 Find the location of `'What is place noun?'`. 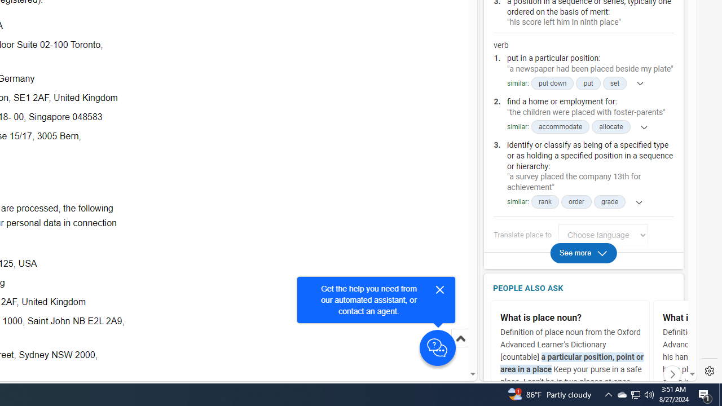

'What is place noun?' is located at coordinates (573, 318).